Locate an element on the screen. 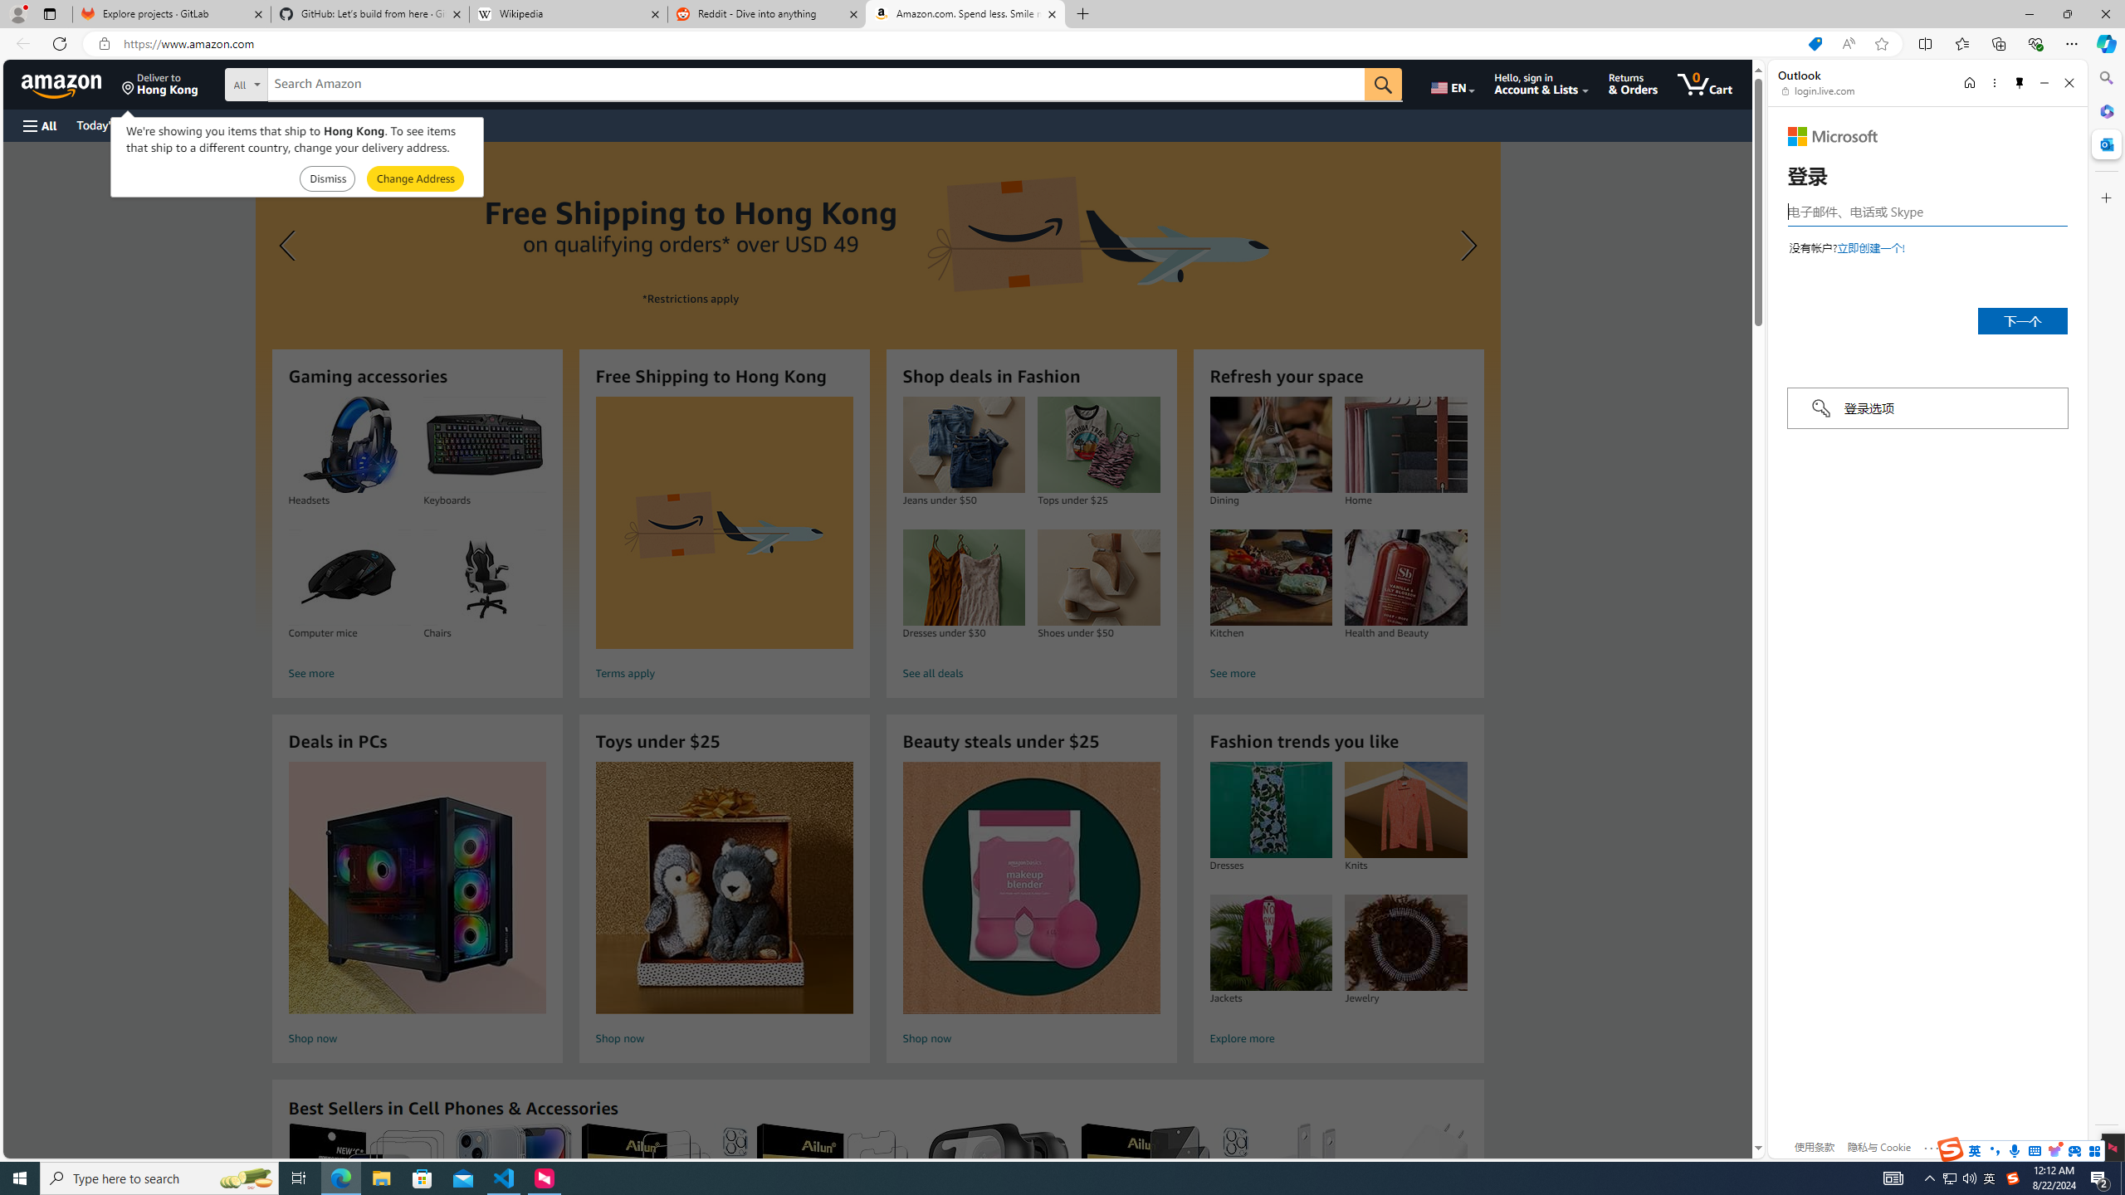 The width and height of the screenshot is (2125, 1195). '0 items in cart' is located at coordinates (1705, 83).